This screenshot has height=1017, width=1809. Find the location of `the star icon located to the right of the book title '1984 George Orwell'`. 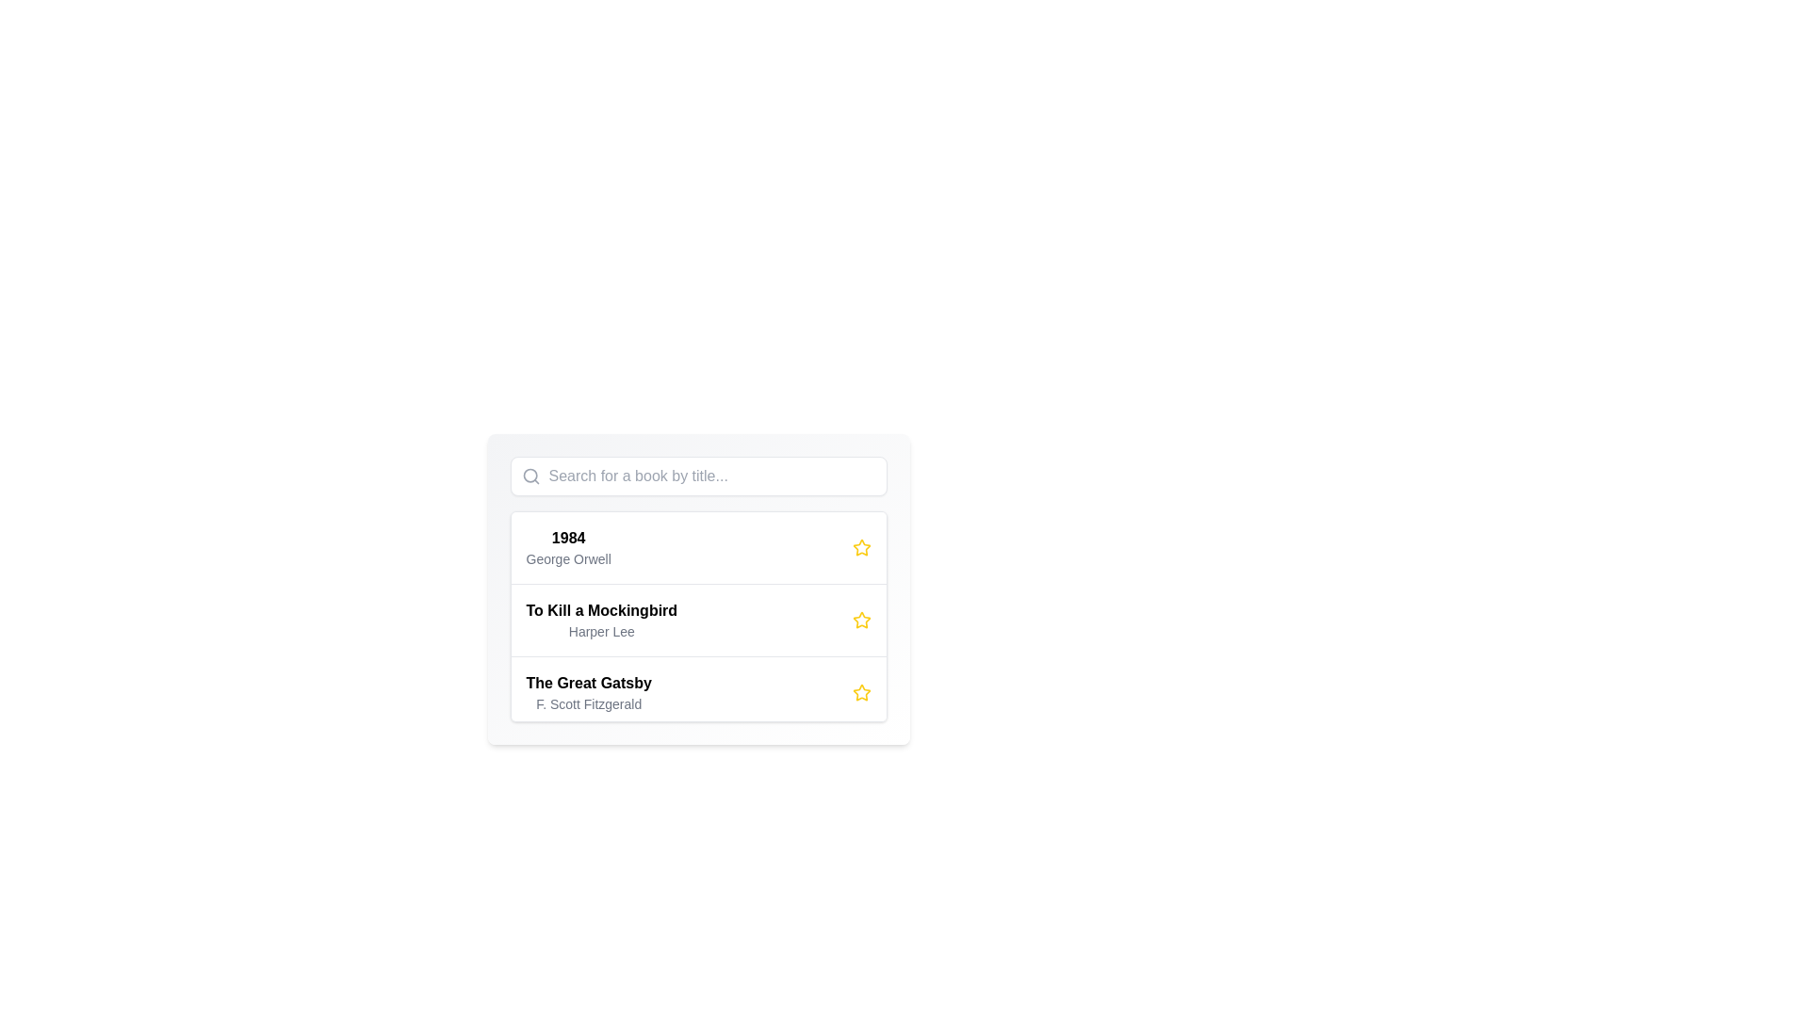

the star icon located to the right of the book title '1984 George Orwell' is located at coordinates (860, 548).